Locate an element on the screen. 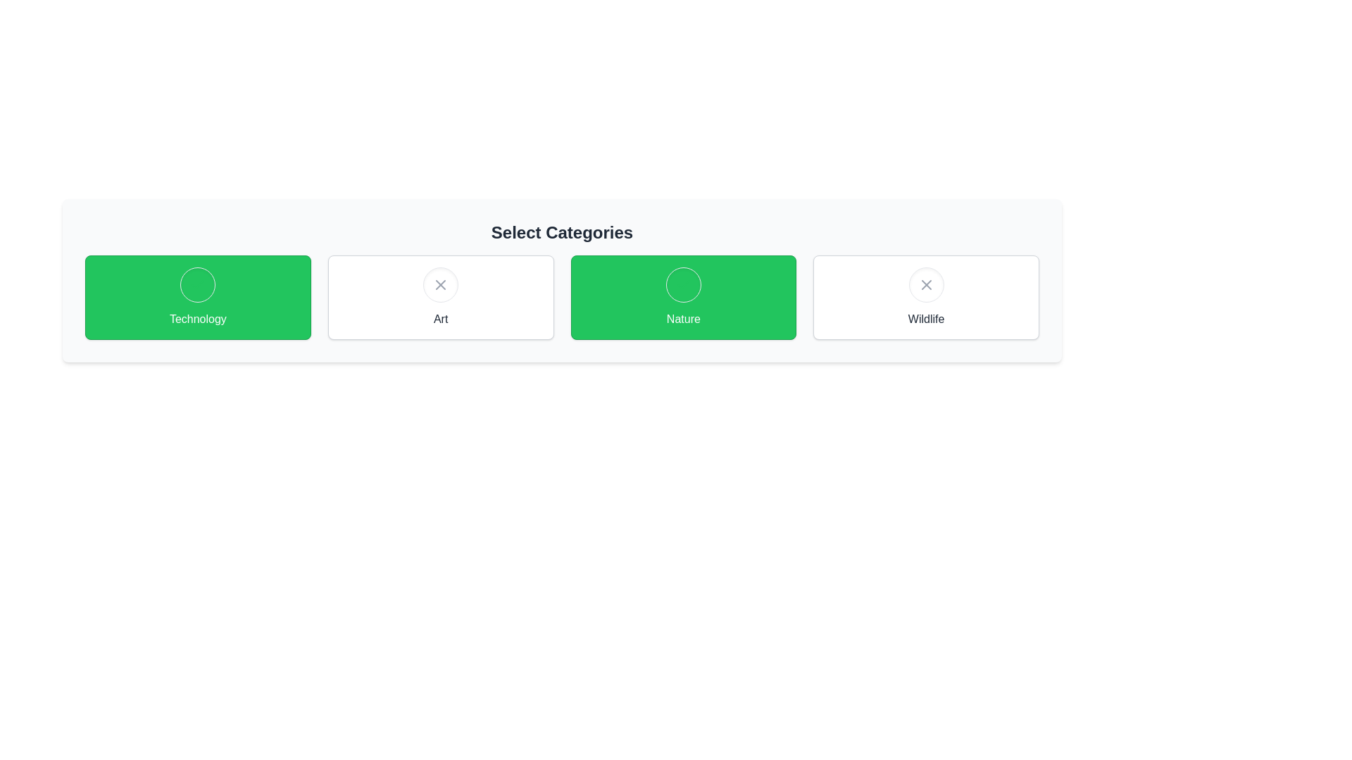 This screenshot has width=1352, height=760. the category chip labeled Technology is located at coordinates (197, 297).